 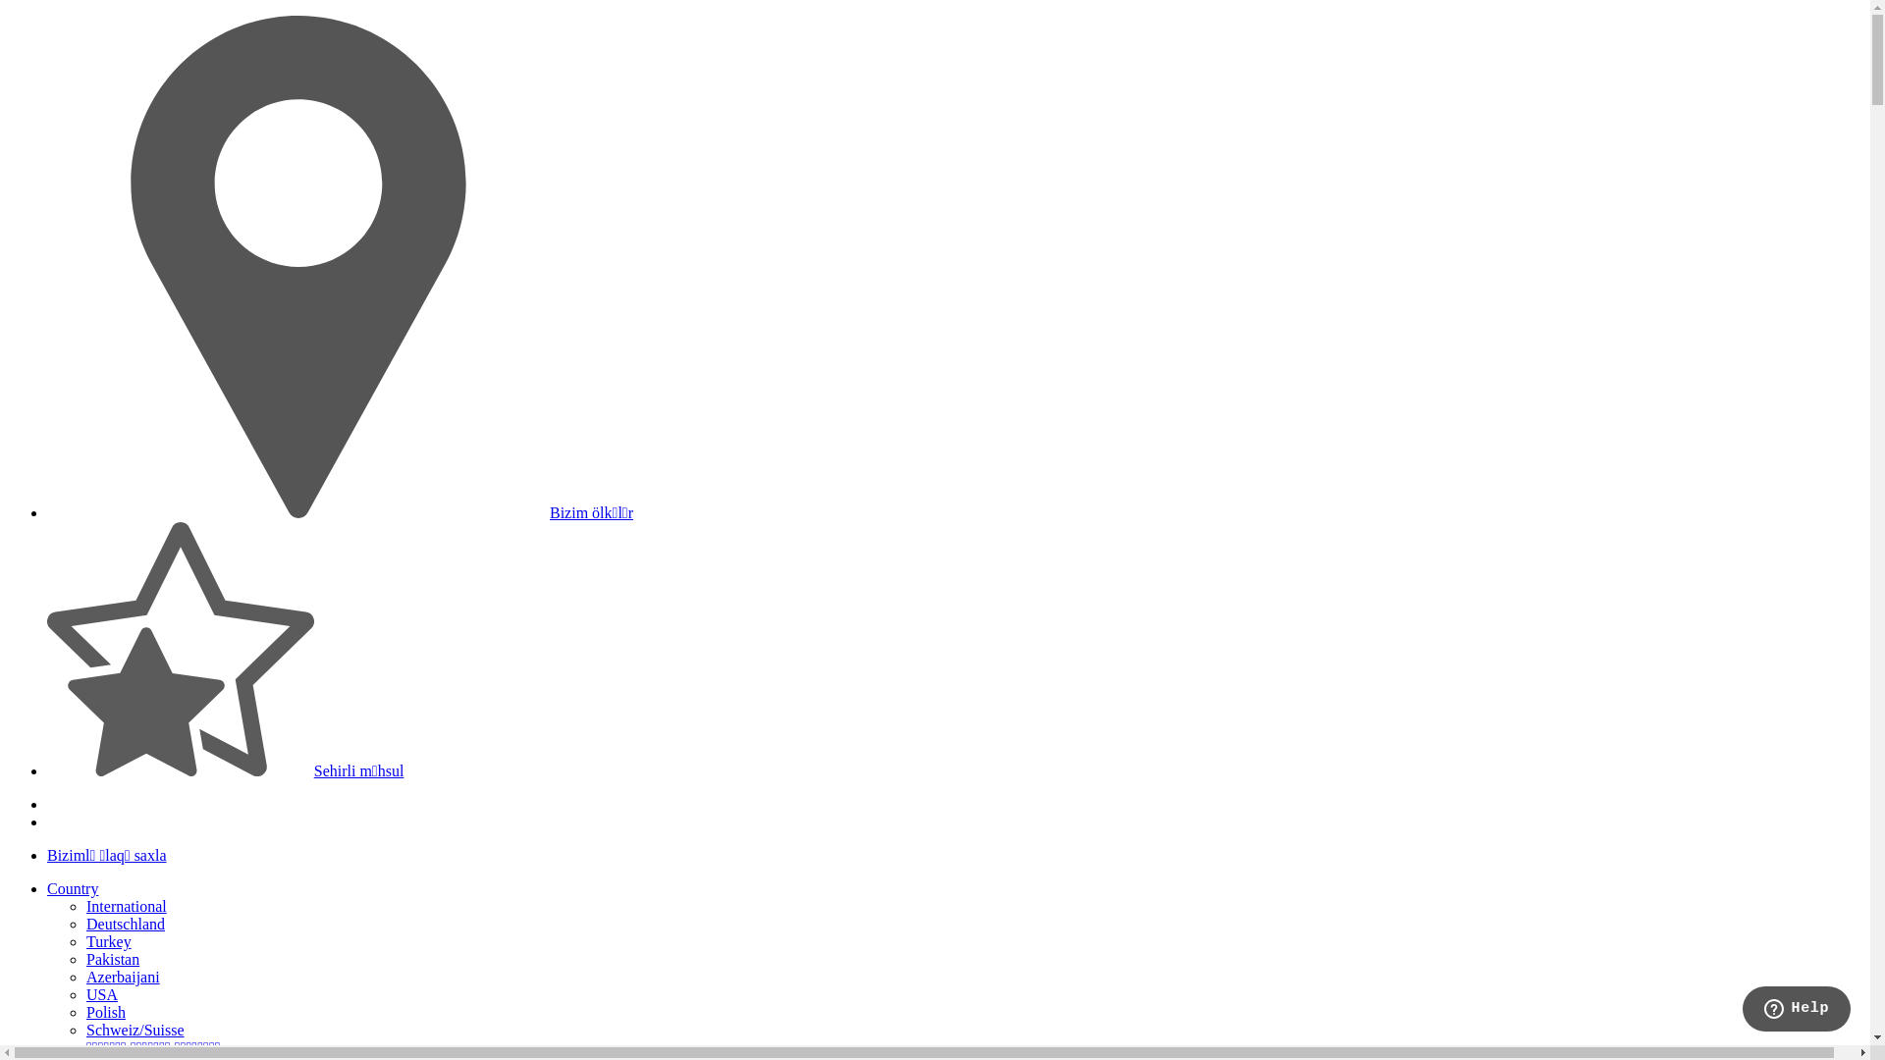 What do you see at coordinates (1796, 1010) in the screenshot?
I see `'Opens a widget where you can chat to one of our agents'` at bounding box center [1796, 1010].